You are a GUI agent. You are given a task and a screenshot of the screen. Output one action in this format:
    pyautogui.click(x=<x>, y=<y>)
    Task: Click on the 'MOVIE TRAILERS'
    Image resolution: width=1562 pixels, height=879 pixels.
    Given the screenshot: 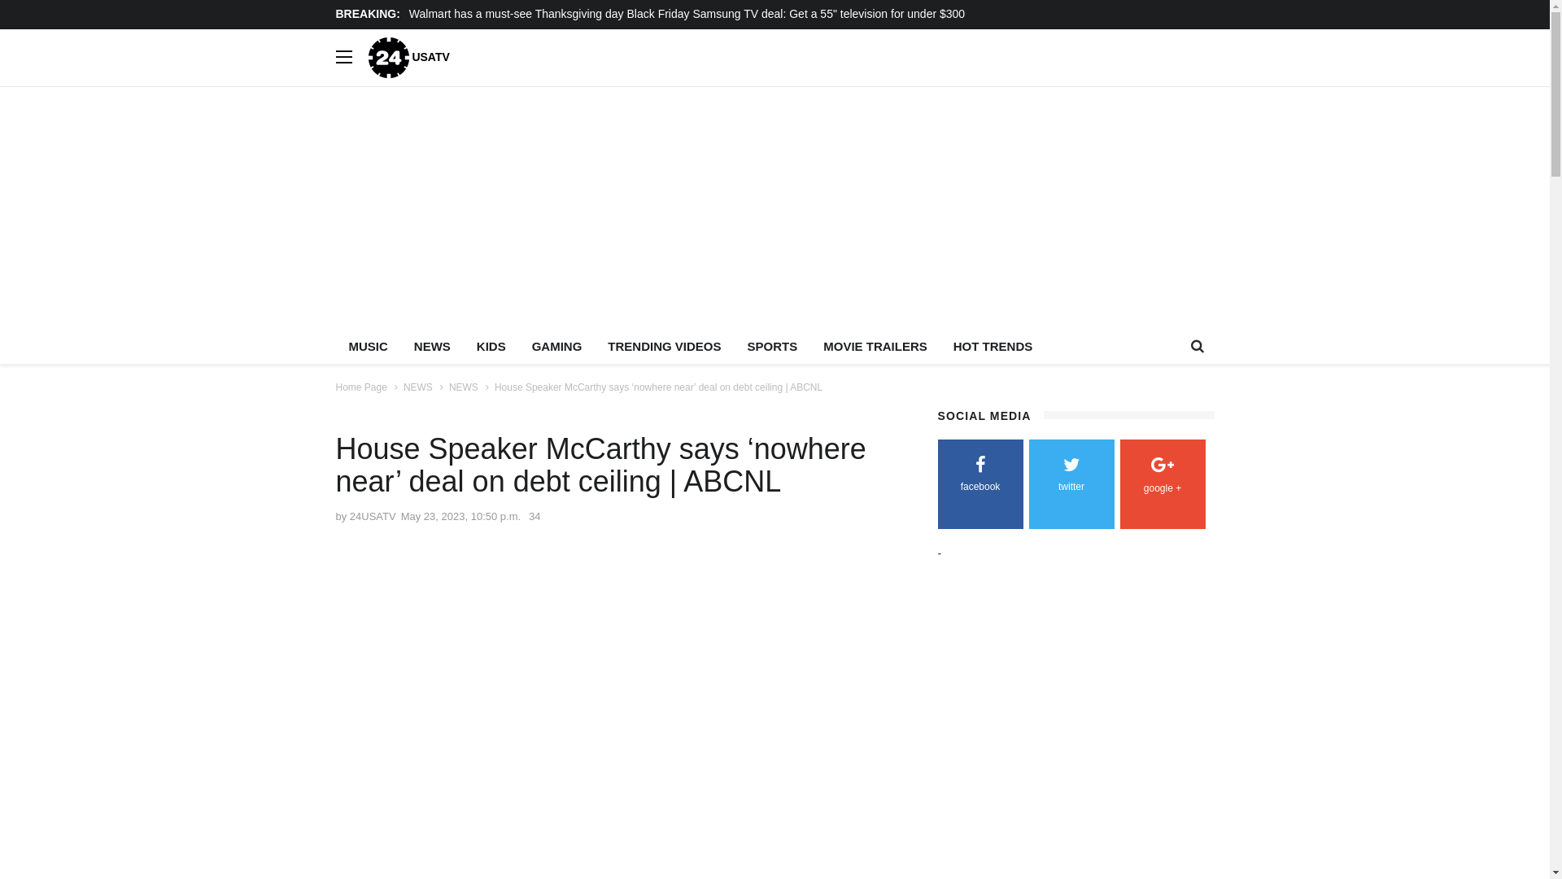 What is the action you would take?
    pyautogui.click(x=874, y=345)
    